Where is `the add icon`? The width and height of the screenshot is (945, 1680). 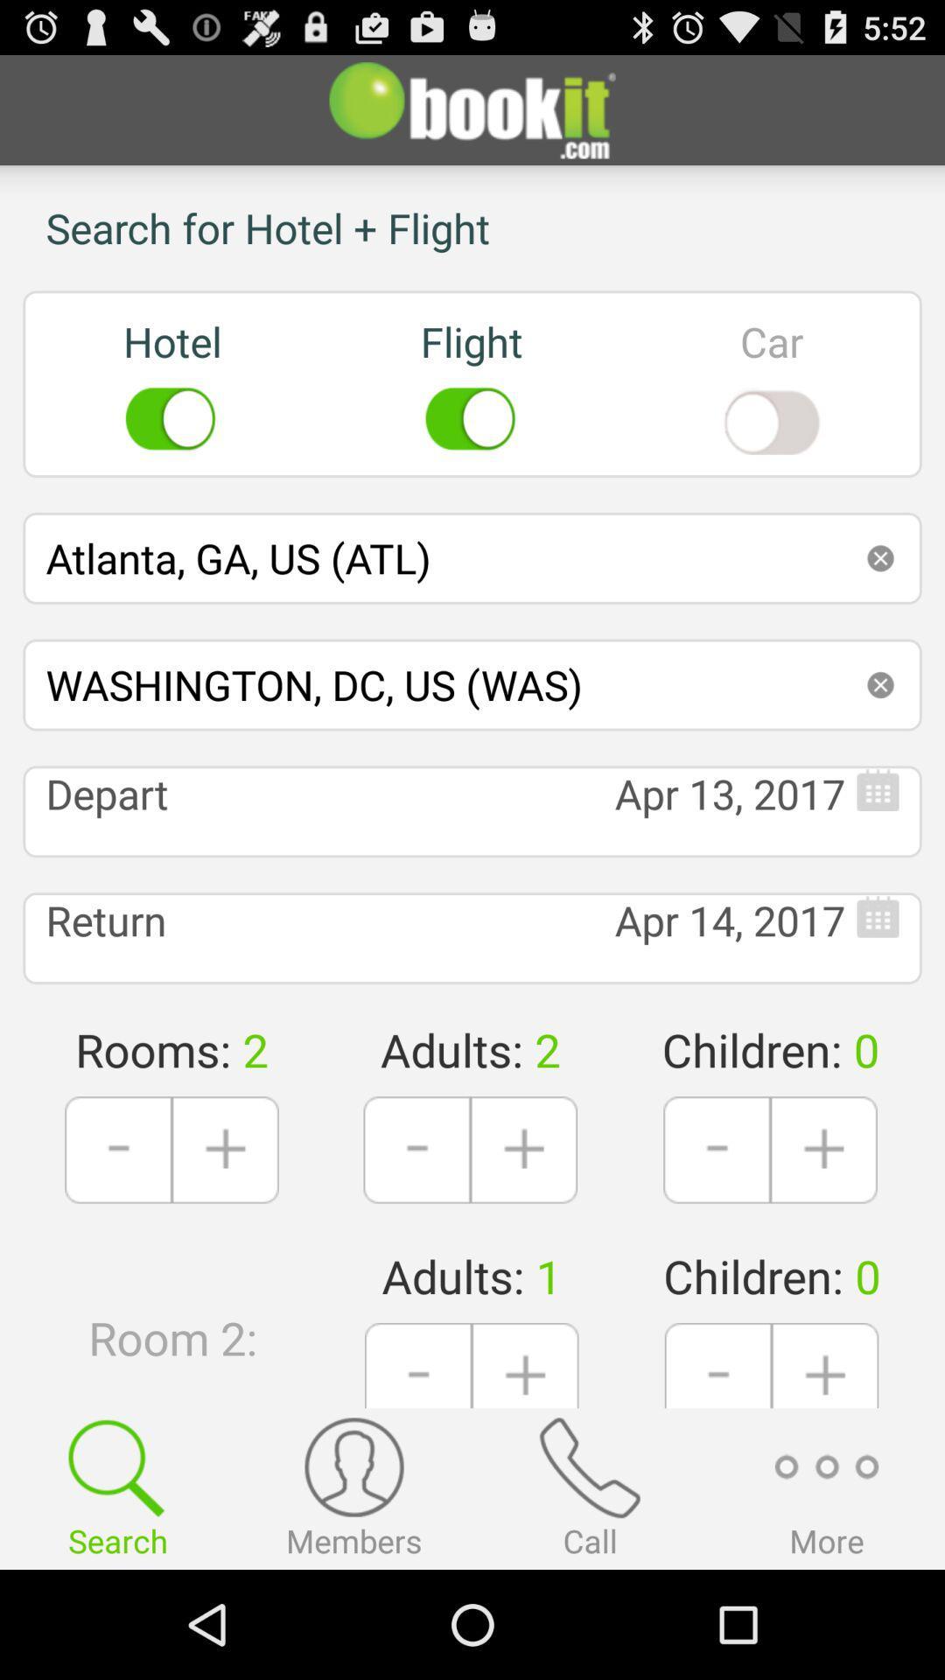 the add icon is located at coordinates (224, 1229).